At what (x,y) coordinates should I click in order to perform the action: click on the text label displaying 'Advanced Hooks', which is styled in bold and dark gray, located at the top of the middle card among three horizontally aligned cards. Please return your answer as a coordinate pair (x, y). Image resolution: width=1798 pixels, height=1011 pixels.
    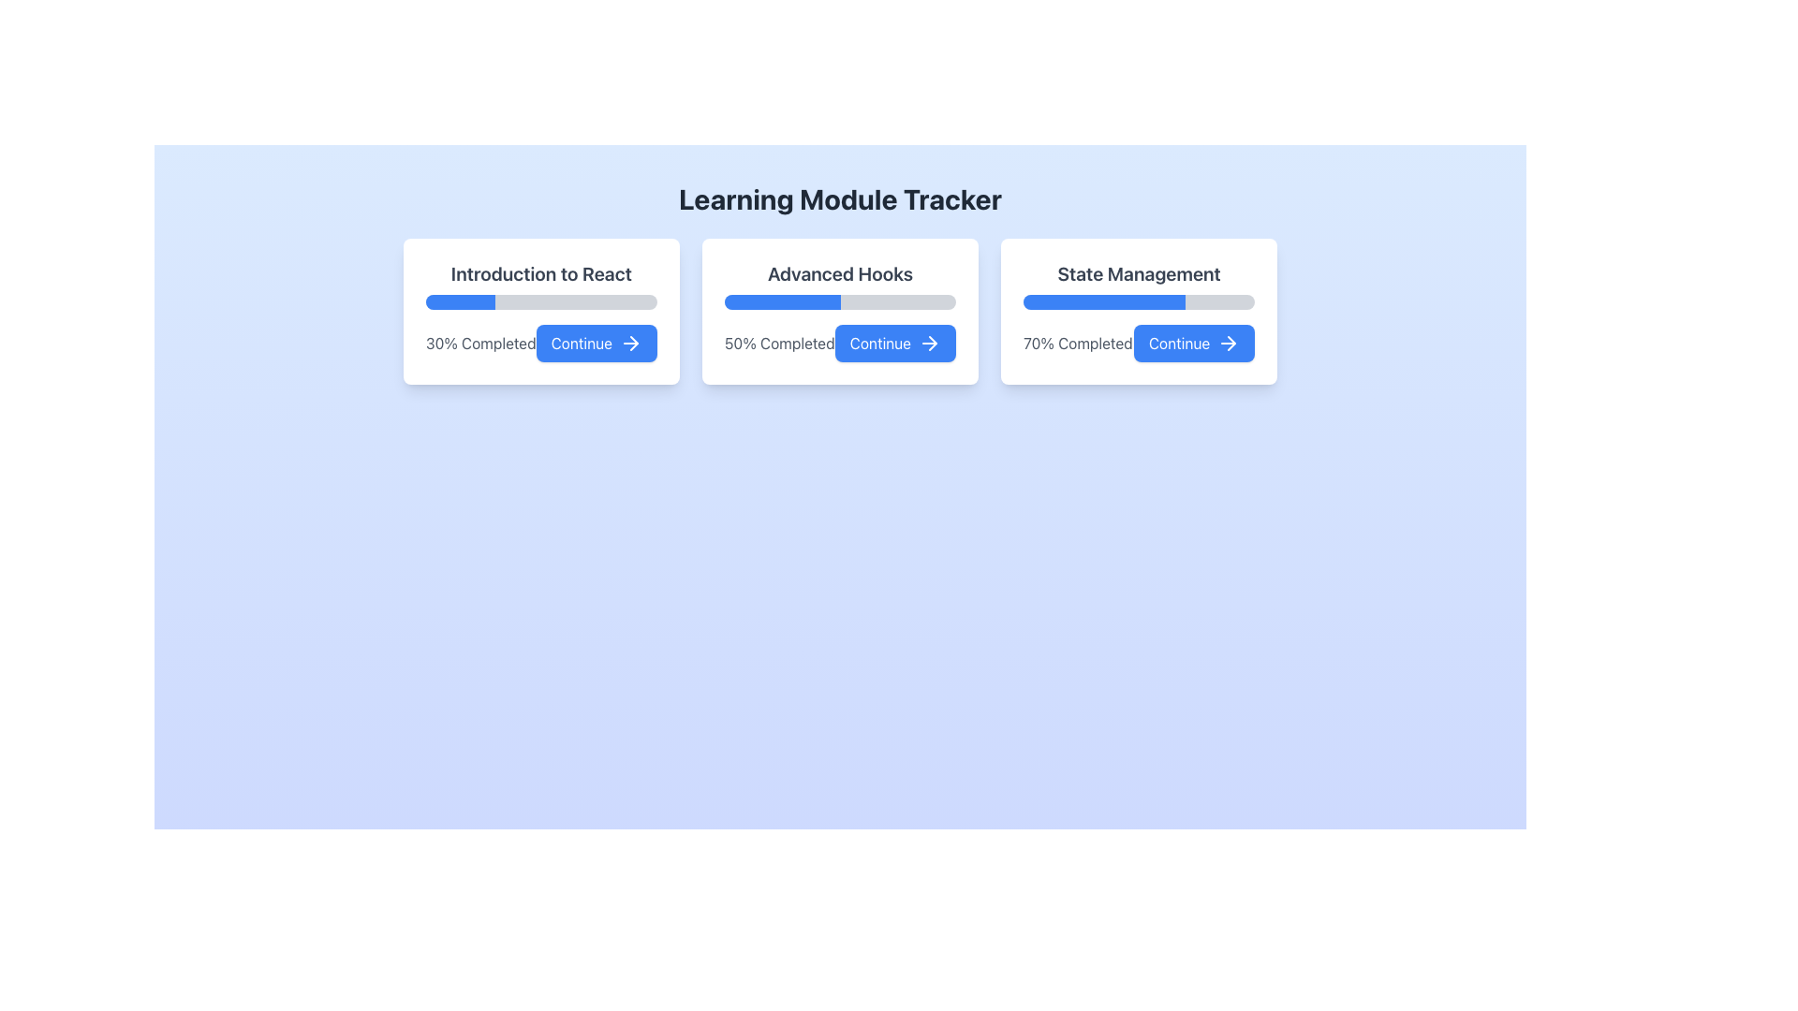
    Looking at the image, I should click on (839, 274).